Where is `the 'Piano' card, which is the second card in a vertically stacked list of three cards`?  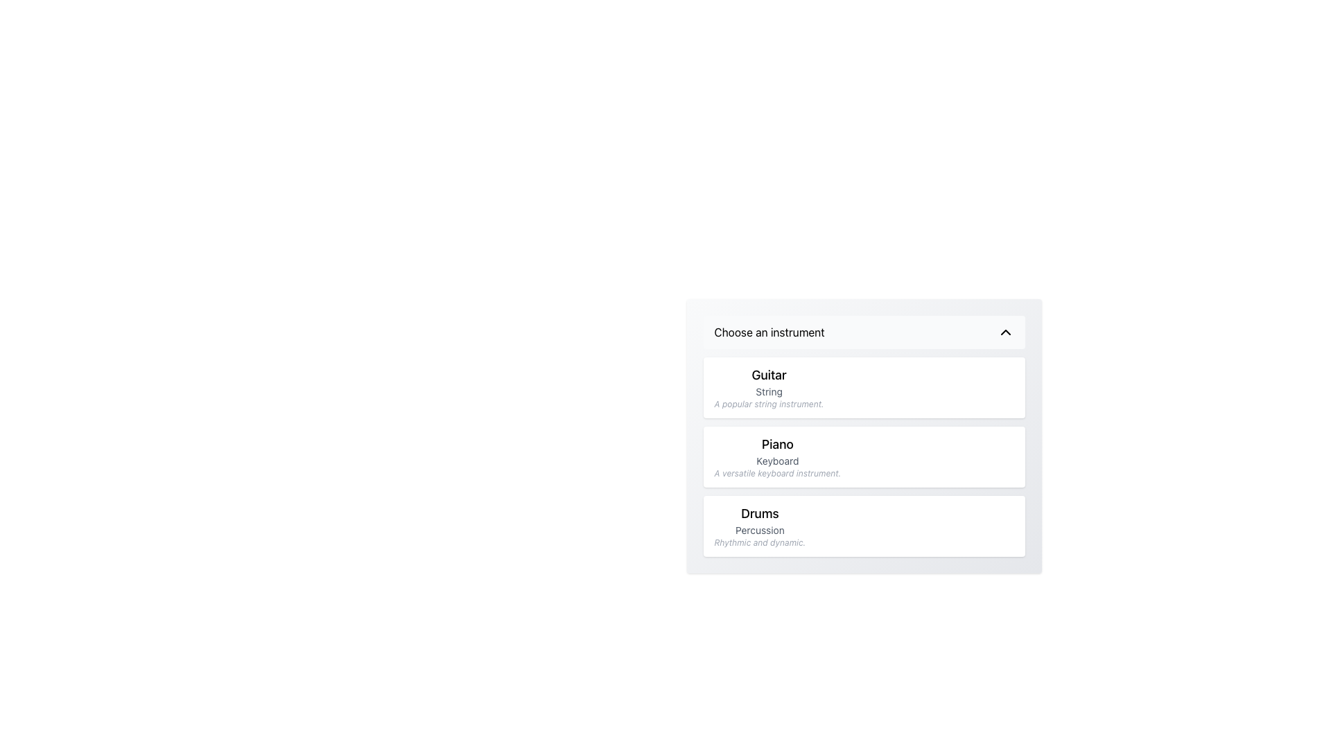 the 'Piano' card, which is the second card in a vertically stacked list of three cards is located at coordinates (863, 456).